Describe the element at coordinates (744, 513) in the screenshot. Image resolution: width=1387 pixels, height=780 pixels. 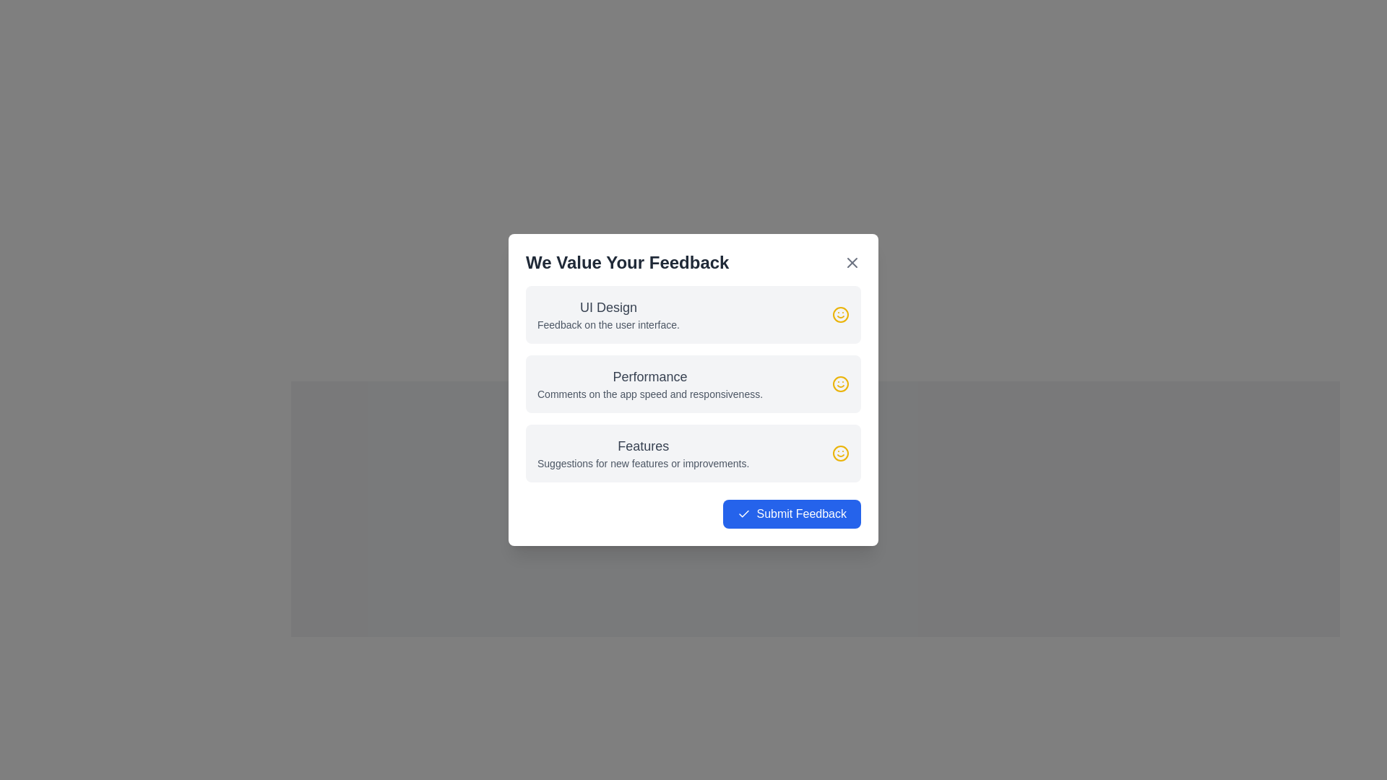
I see `the checkmark icon within the 'Submit Feedback' button, which has a white outline on a blue background, located towards the left side of the button content` at that location.